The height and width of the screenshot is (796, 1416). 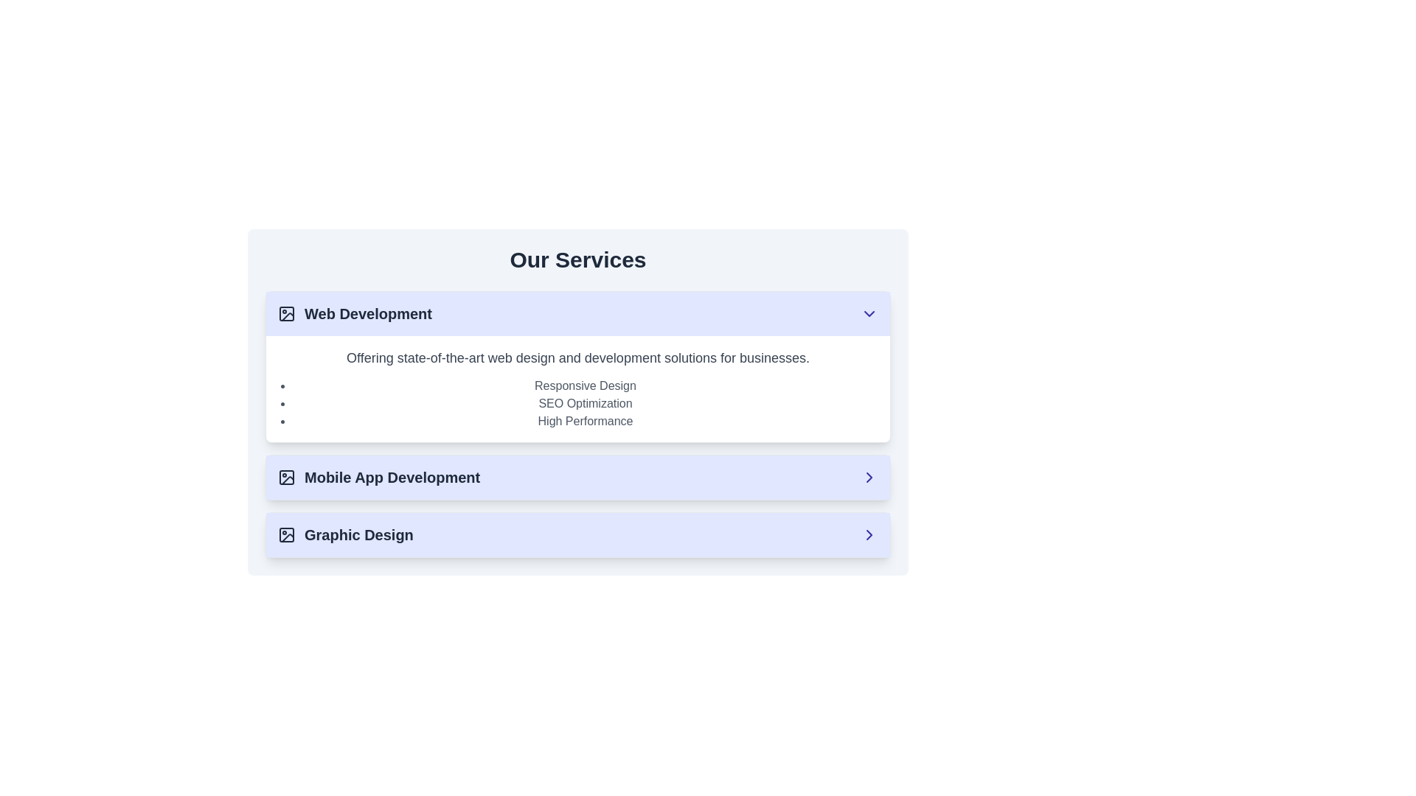 I want to click on the 'Graphic Design' button located in the 'Our Services' section, so click(x=577, y=534).